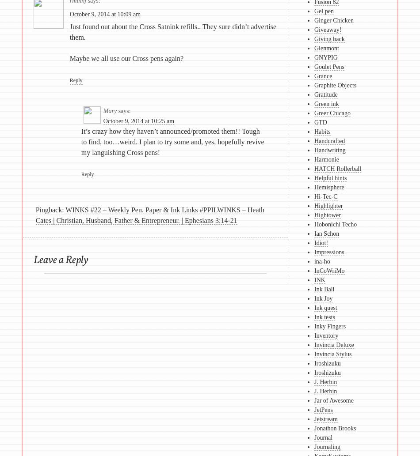  Describe the element at coordinates (326, 233) in the screenshot. I see `'Ian Schon'` at that location.